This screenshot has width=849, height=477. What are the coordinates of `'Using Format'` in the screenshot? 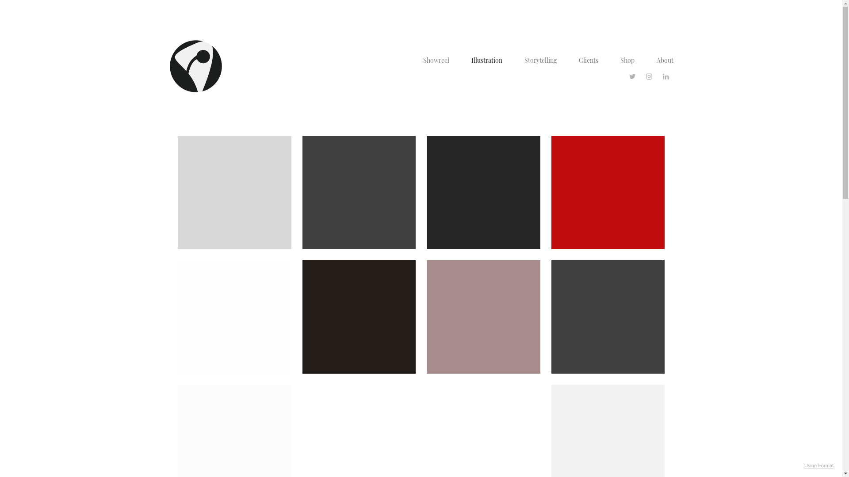 It's located at (818, 466).